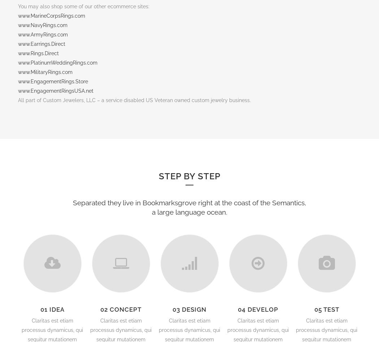  What do you see at coordinates (38, 53) in the screenshot?
I see `'www.Rings.Direct'` at bounding box center [38, 53].